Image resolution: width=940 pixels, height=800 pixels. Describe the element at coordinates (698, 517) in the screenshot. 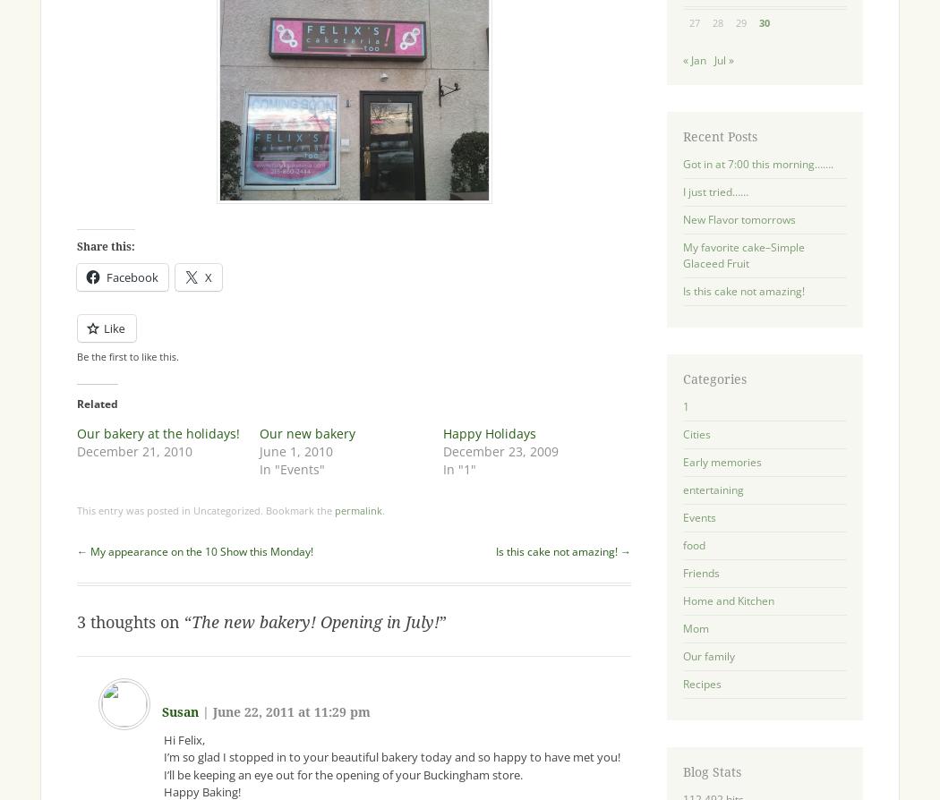

I see `'Events'` at that location.